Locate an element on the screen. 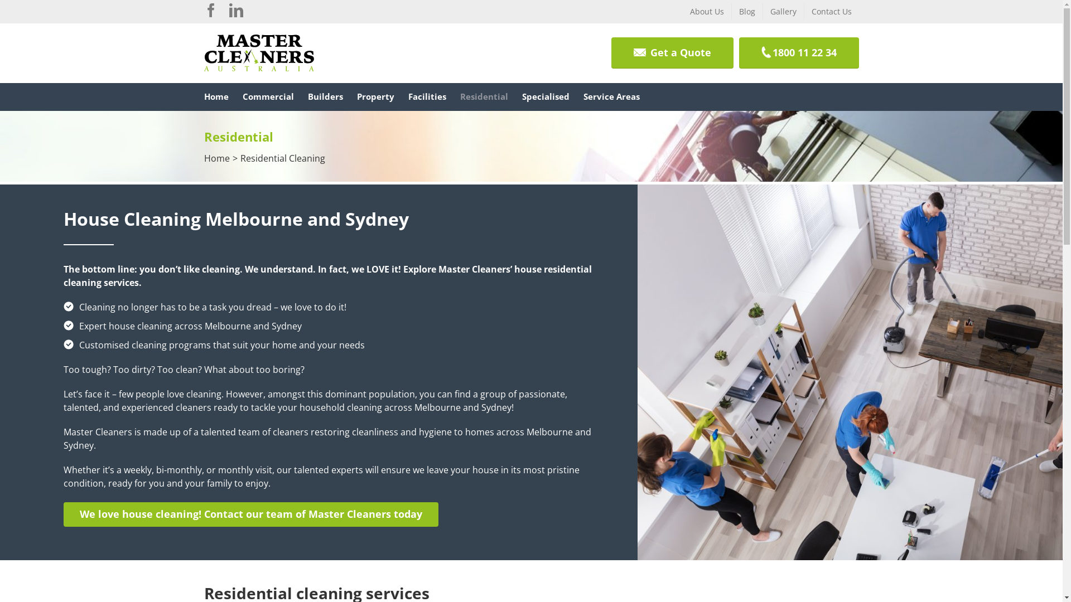 The width and height of the screenshot is (1071, 602). 'Linkedin' is located at coordinates (235, 10).